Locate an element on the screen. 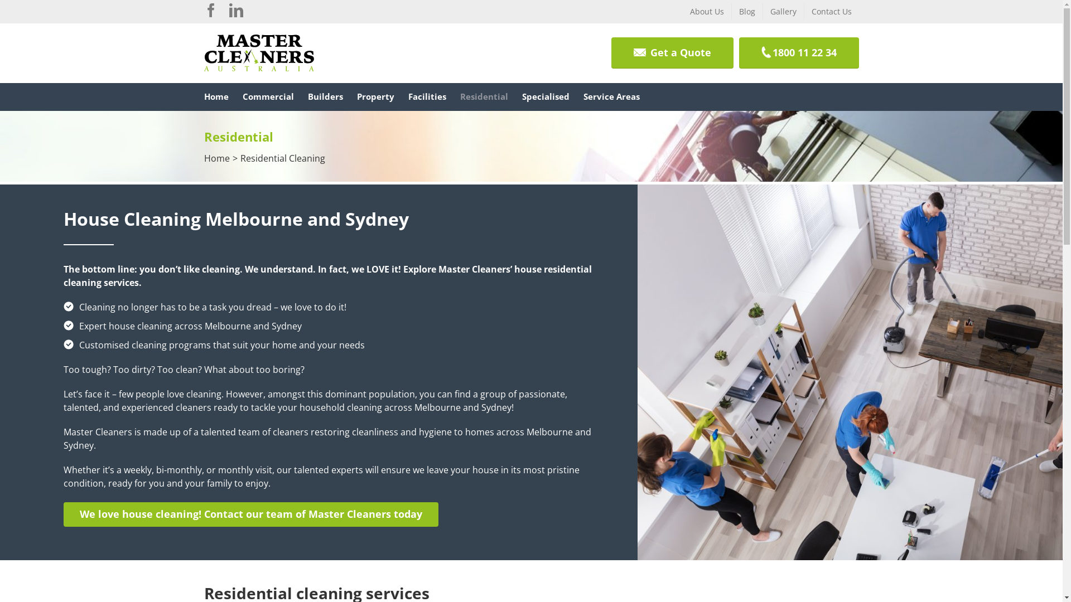 The width and height of the screenshot is (1071, 602). 'Linkedin' is located at coordinates (235, 10).